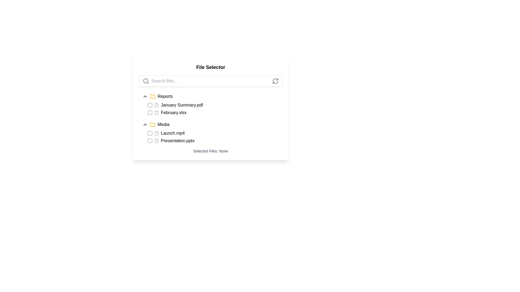 Image resolution: width=520 pixels, height=292 pixels. Describe the element at coordinates (152, 96) in the screenshot. I see `the folder icon located to the left of the label 'Media'` at that location.